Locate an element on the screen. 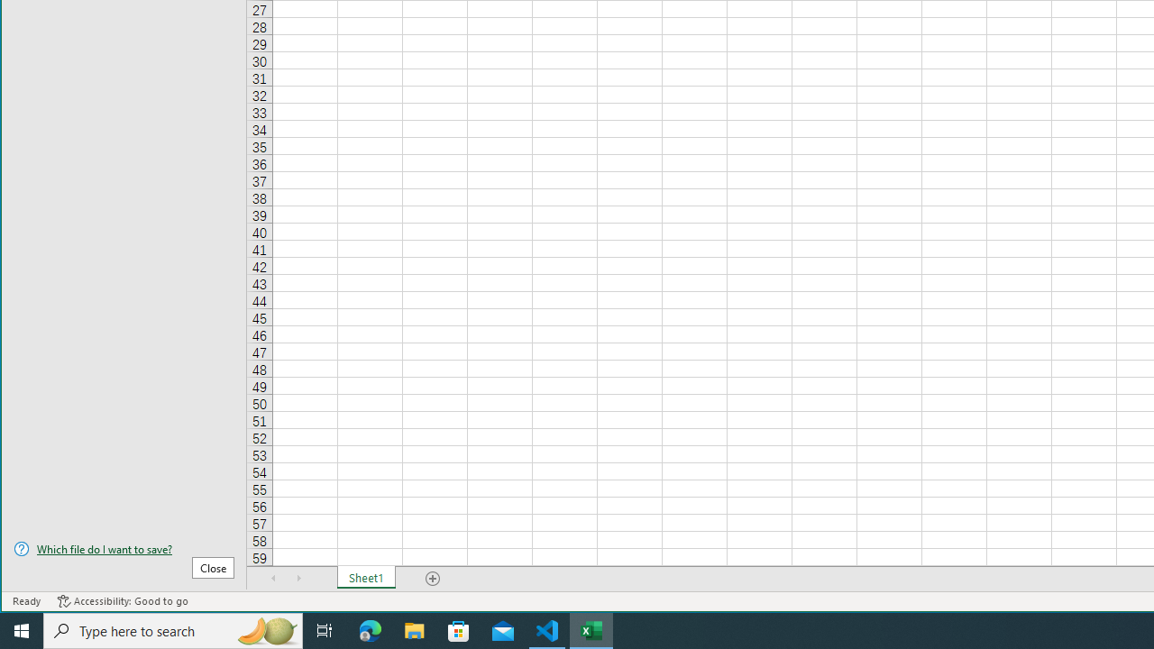 The height and width of the screenshot is (649, 1154). 'Excel - 1 running window' is located at coordinates (591, 629).